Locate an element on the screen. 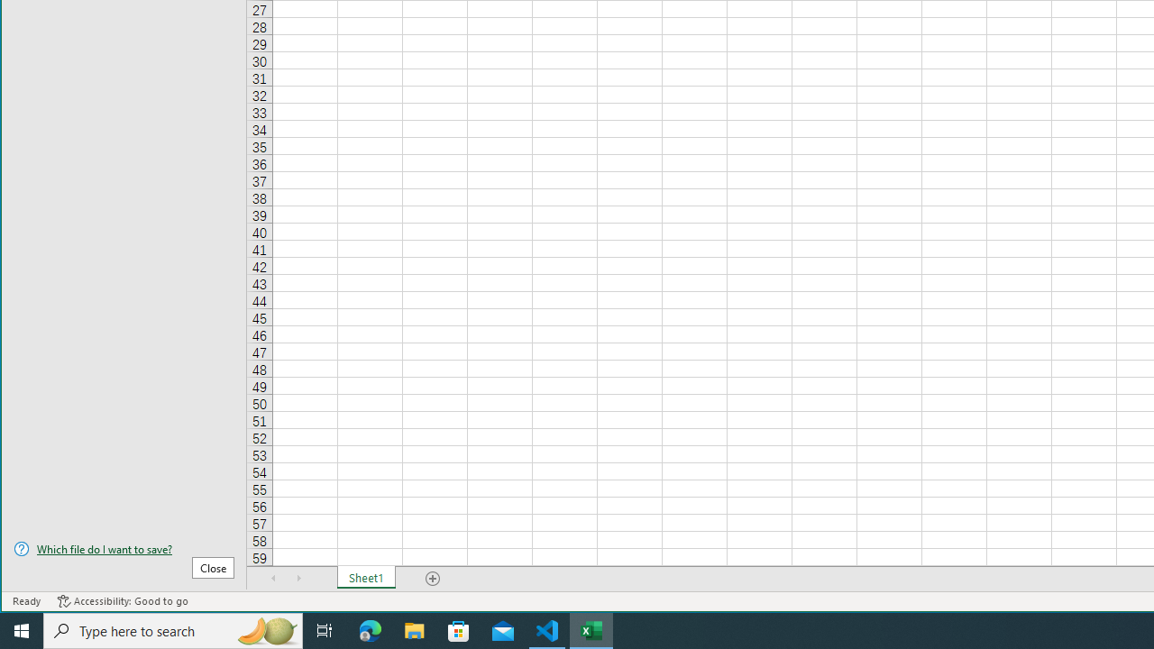 The height and width of the screenshot is (649, 1154). 'Excel - 1 running window' is located at coordinates (591, 629).